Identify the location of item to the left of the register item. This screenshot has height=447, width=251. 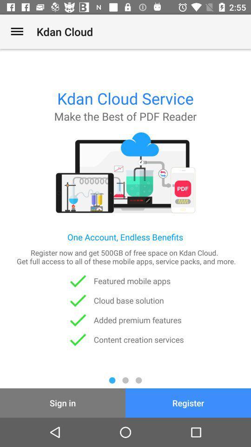
(63, 402).